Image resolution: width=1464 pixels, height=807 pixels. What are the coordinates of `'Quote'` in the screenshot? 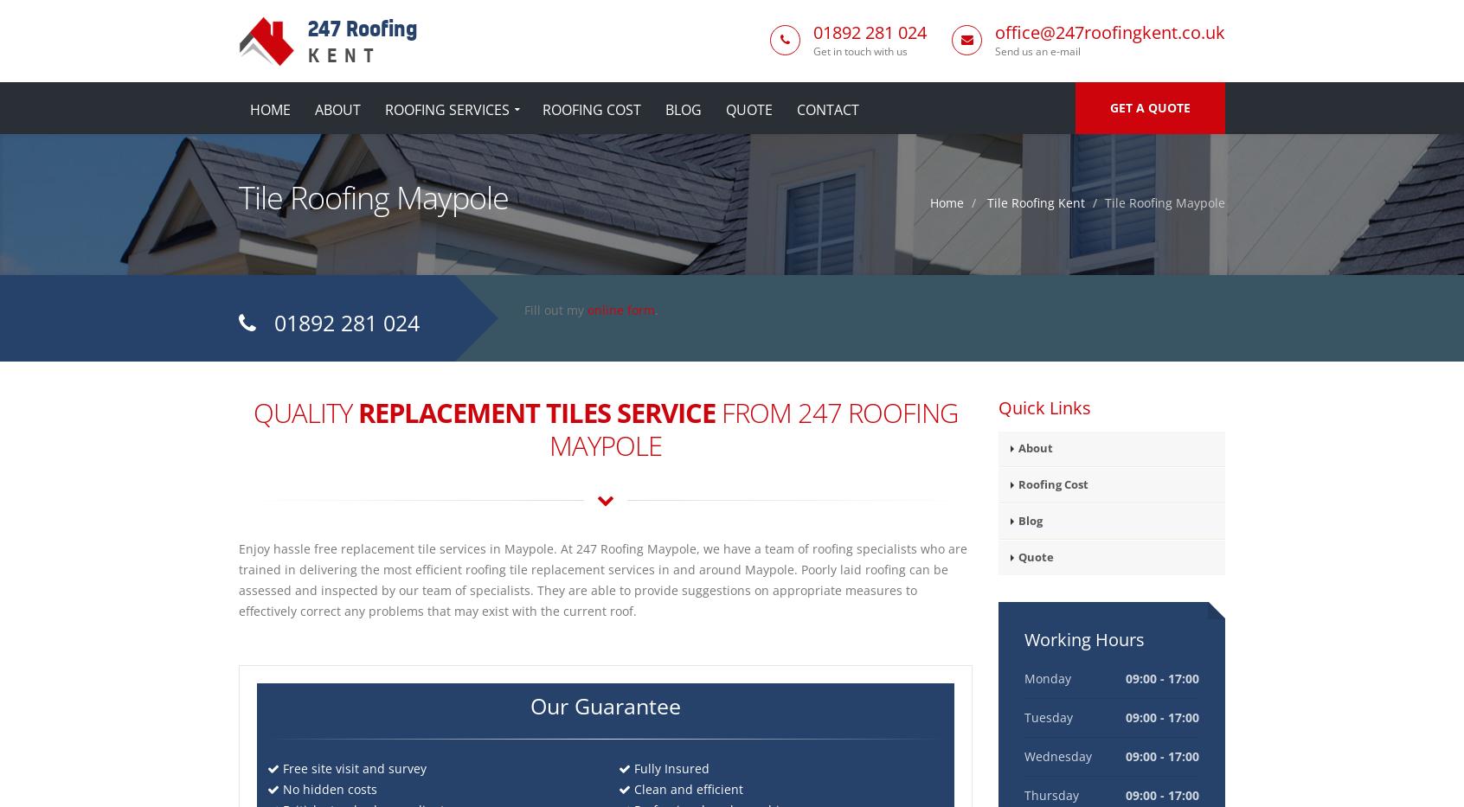 It's located at (1034, 556).